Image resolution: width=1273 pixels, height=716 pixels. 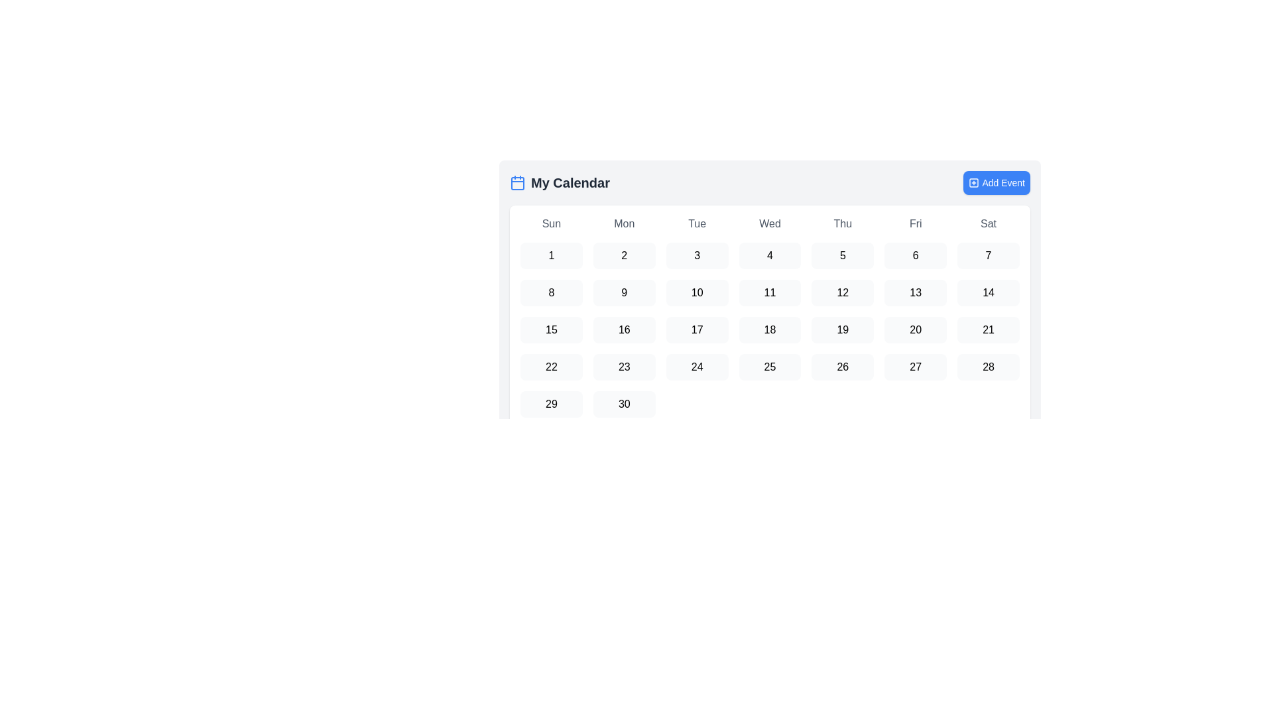 I want to click on the date cell representing '13' in the calendar grid, located in the 'Fri' column and third row, so click(x=915, y=292).